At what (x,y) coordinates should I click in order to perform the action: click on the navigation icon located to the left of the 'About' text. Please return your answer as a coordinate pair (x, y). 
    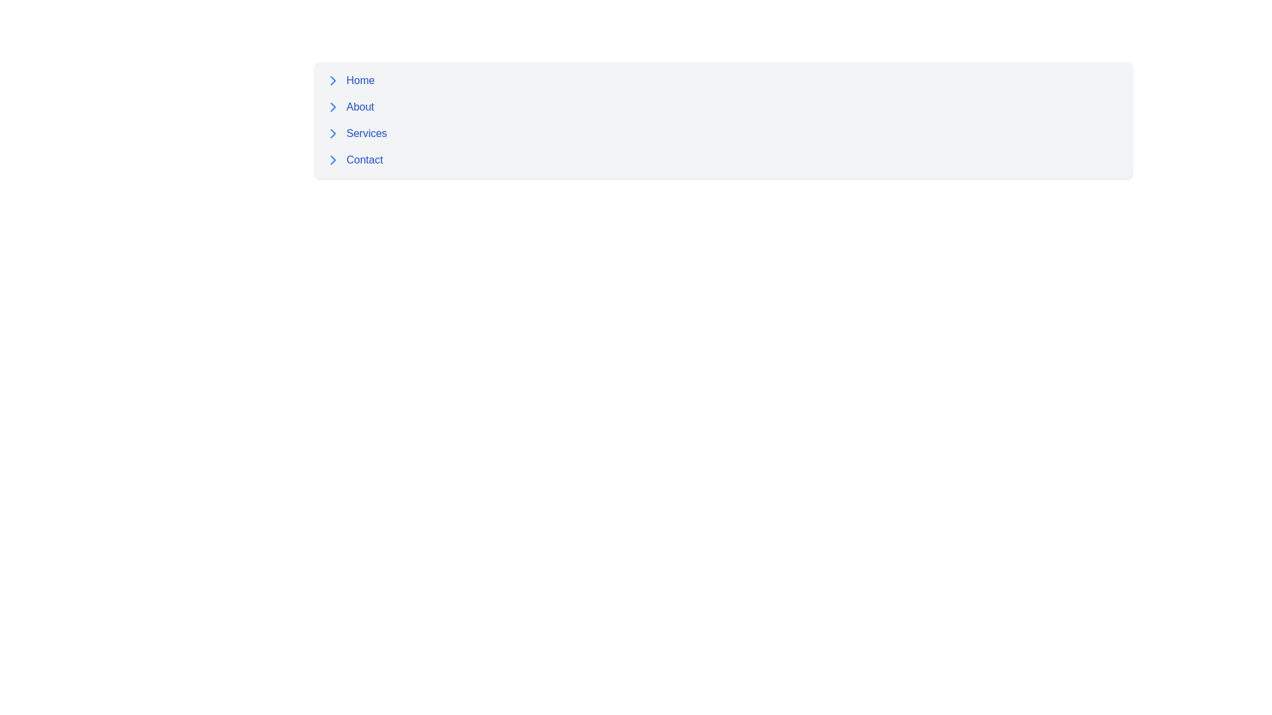
    Looking at the image, I should click on (333, 107).